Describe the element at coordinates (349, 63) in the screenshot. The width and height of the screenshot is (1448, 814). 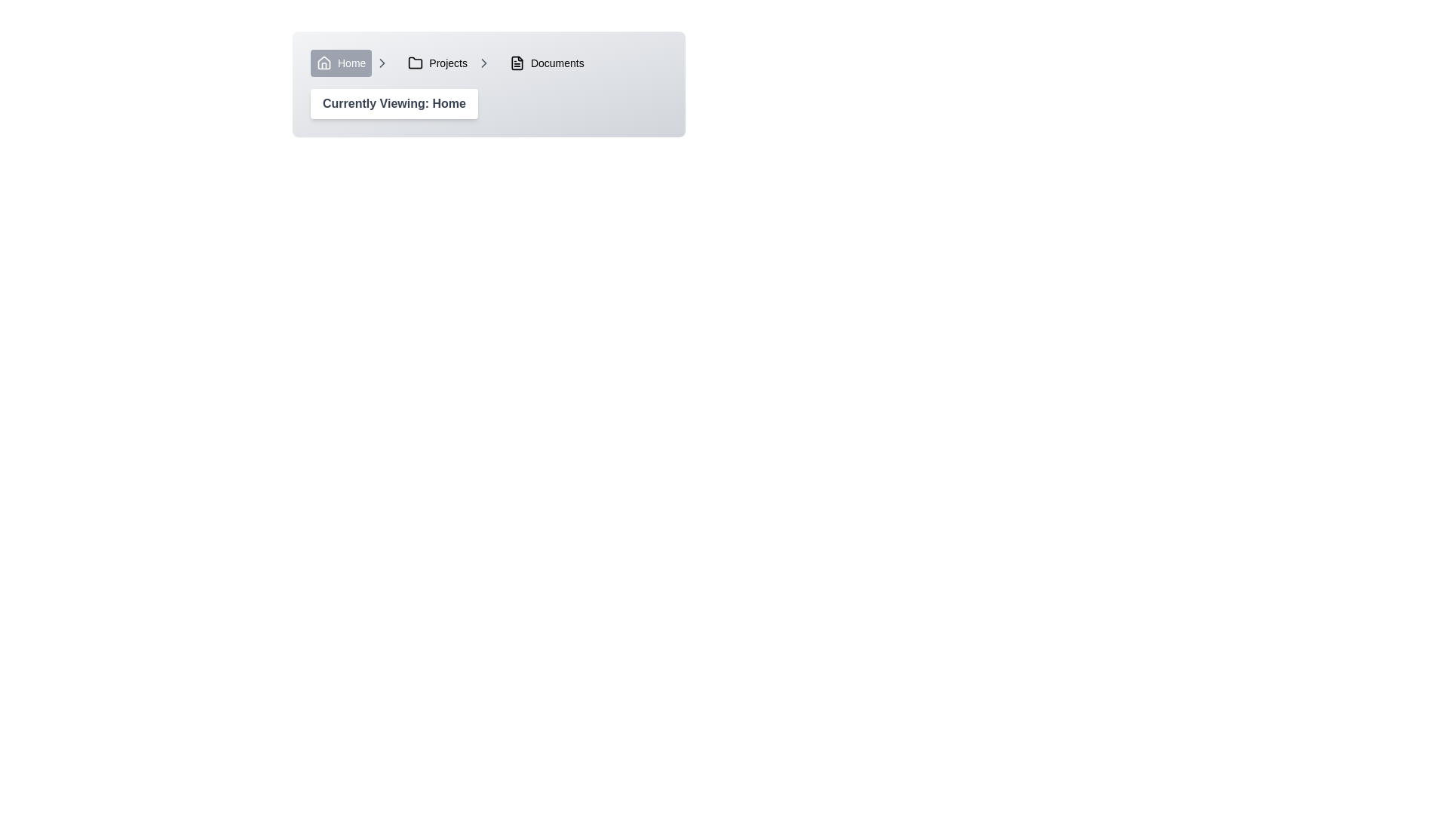
I see `the 'Home' Link button in the breadcrumb navigation, which has a gray background, white text, and a house-shaped icon` at that location.